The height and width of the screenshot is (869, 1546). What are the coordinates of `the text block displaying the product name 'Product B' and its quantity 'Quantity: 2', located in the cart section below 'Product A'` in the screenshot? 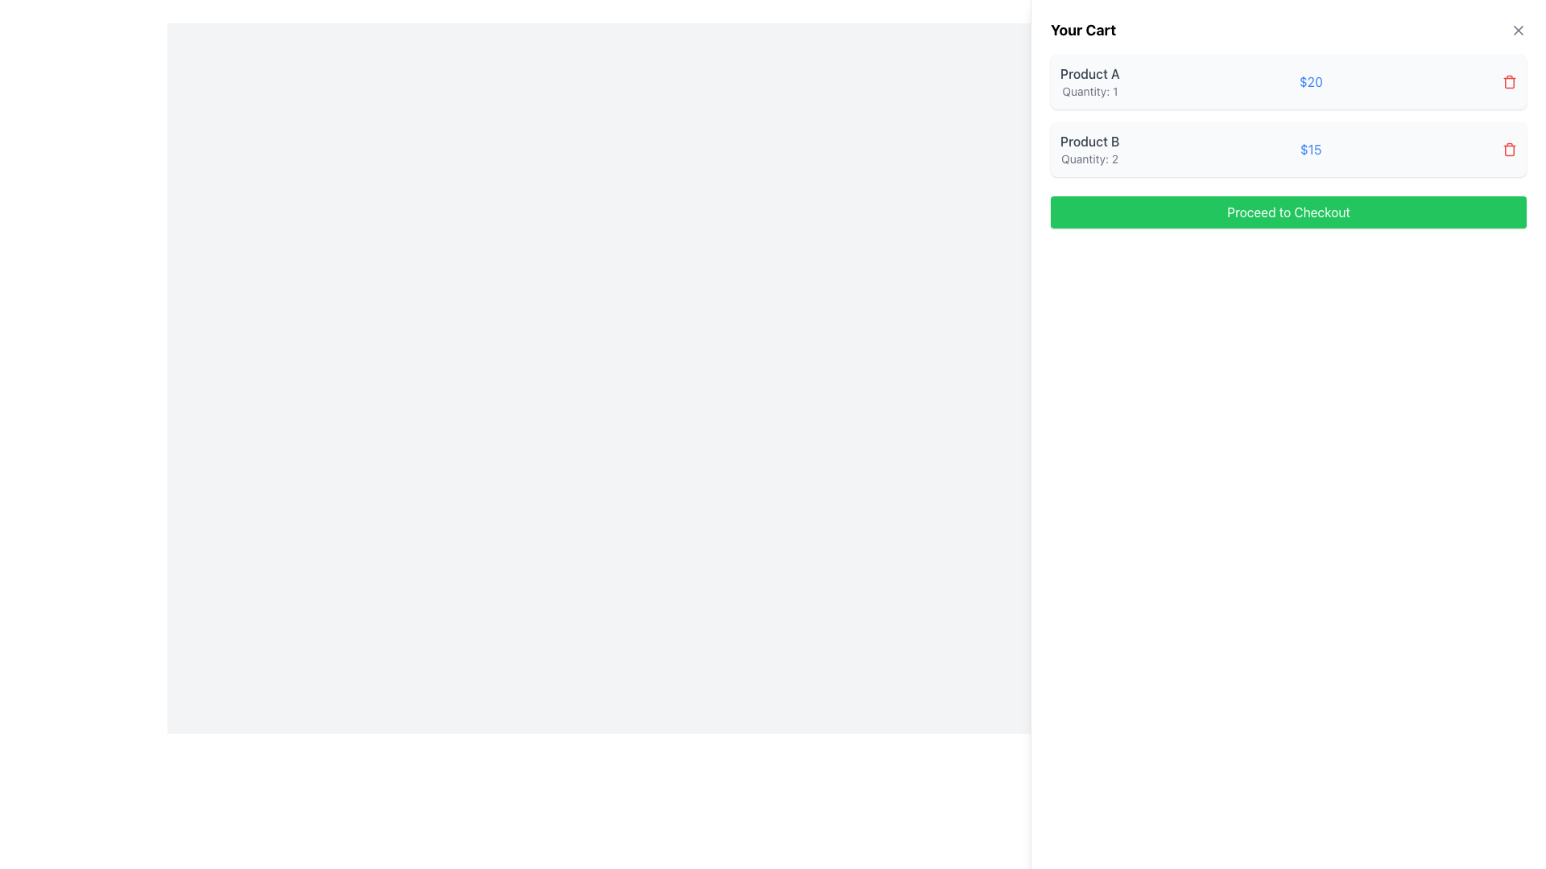 It's located at (1089, 149).